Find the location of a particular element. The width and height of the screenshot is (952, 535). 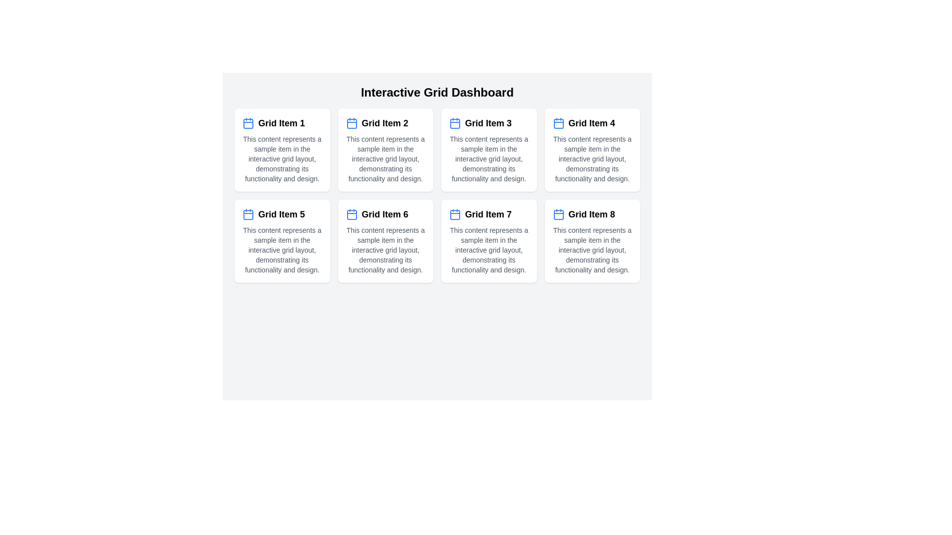

the card titled 'Grid Item 5', which contains descriptive text about a sample item in the interactive grid layout is located at coordinates (282, 241).